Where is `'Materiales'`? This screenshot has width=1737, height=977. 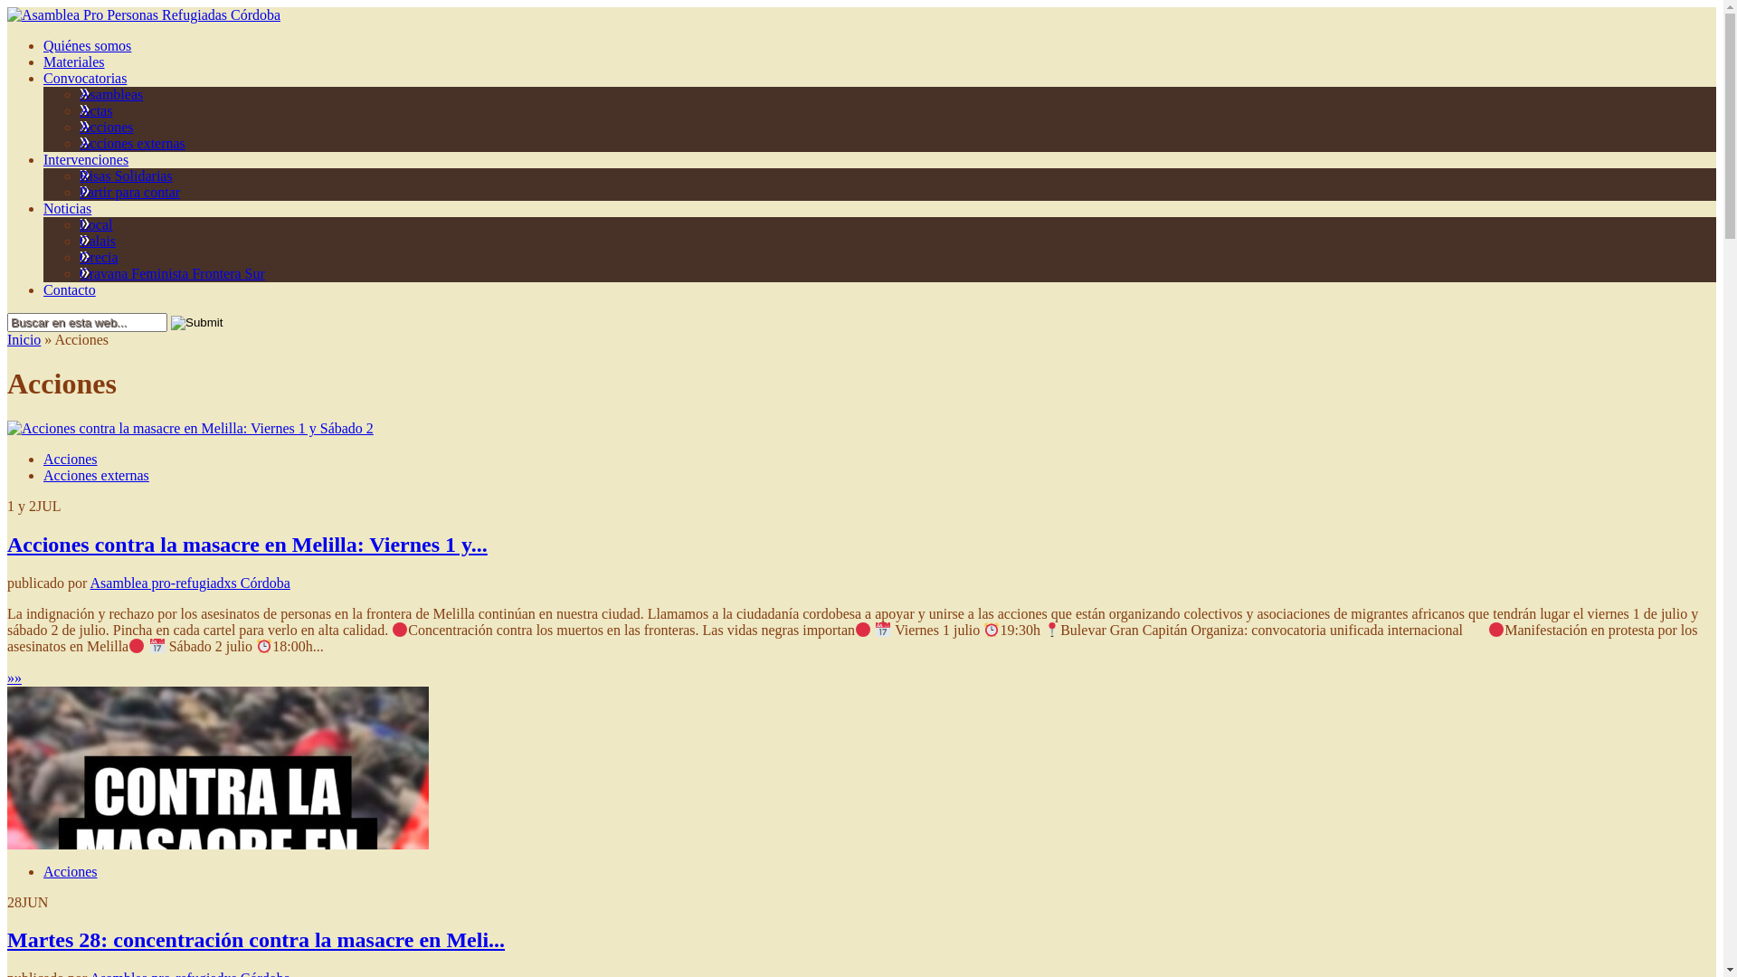
'Materiales' is located at coordinates (72, 61).